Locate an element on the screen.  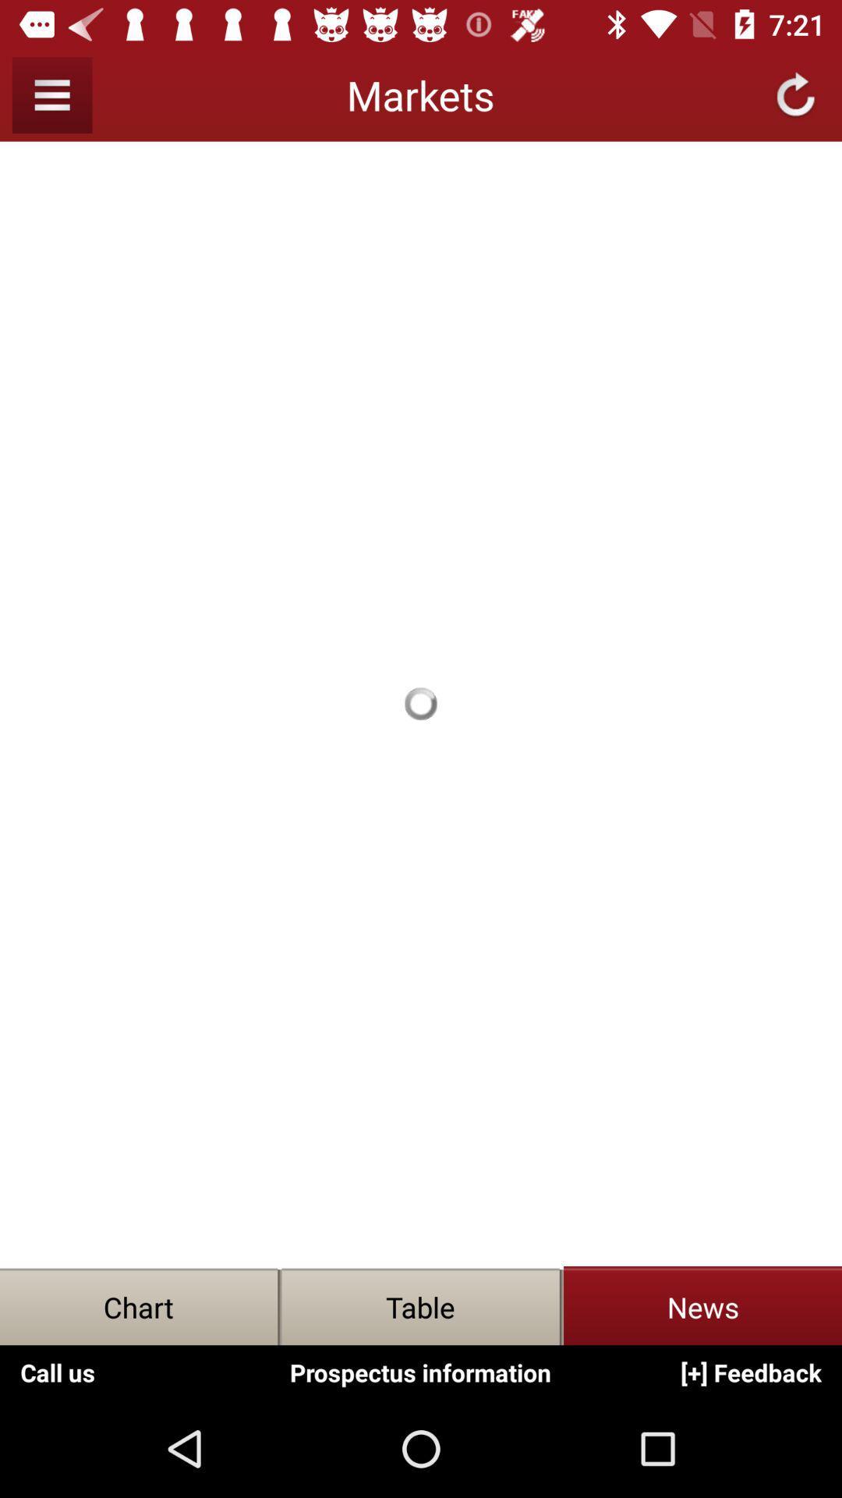
the refresh icon is located at coordinates (796, 94).